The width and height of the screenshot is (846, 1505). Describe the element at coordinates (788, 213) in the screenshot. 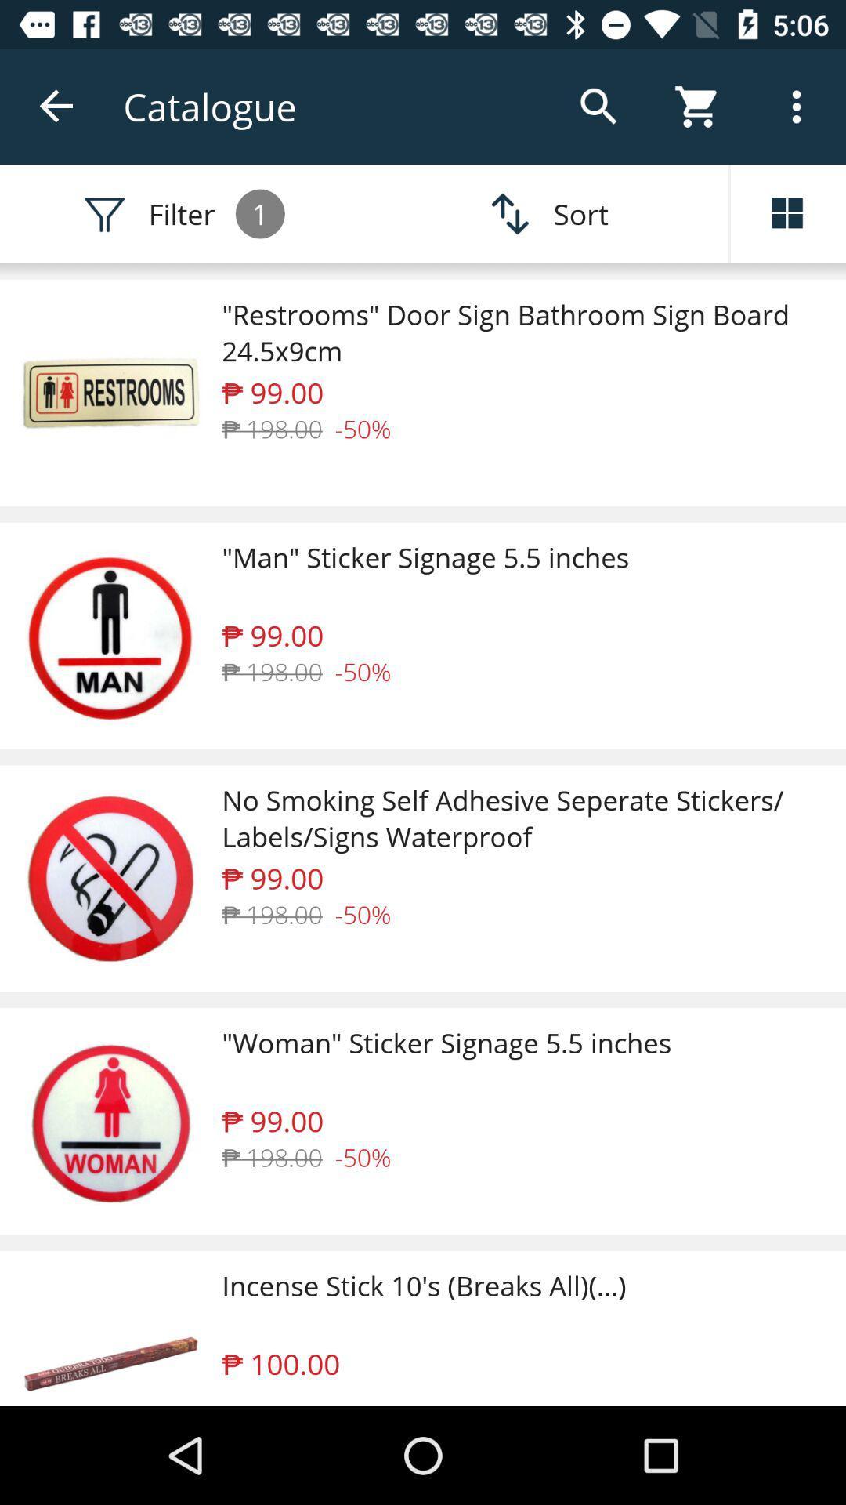

I see `change layout` at that location.